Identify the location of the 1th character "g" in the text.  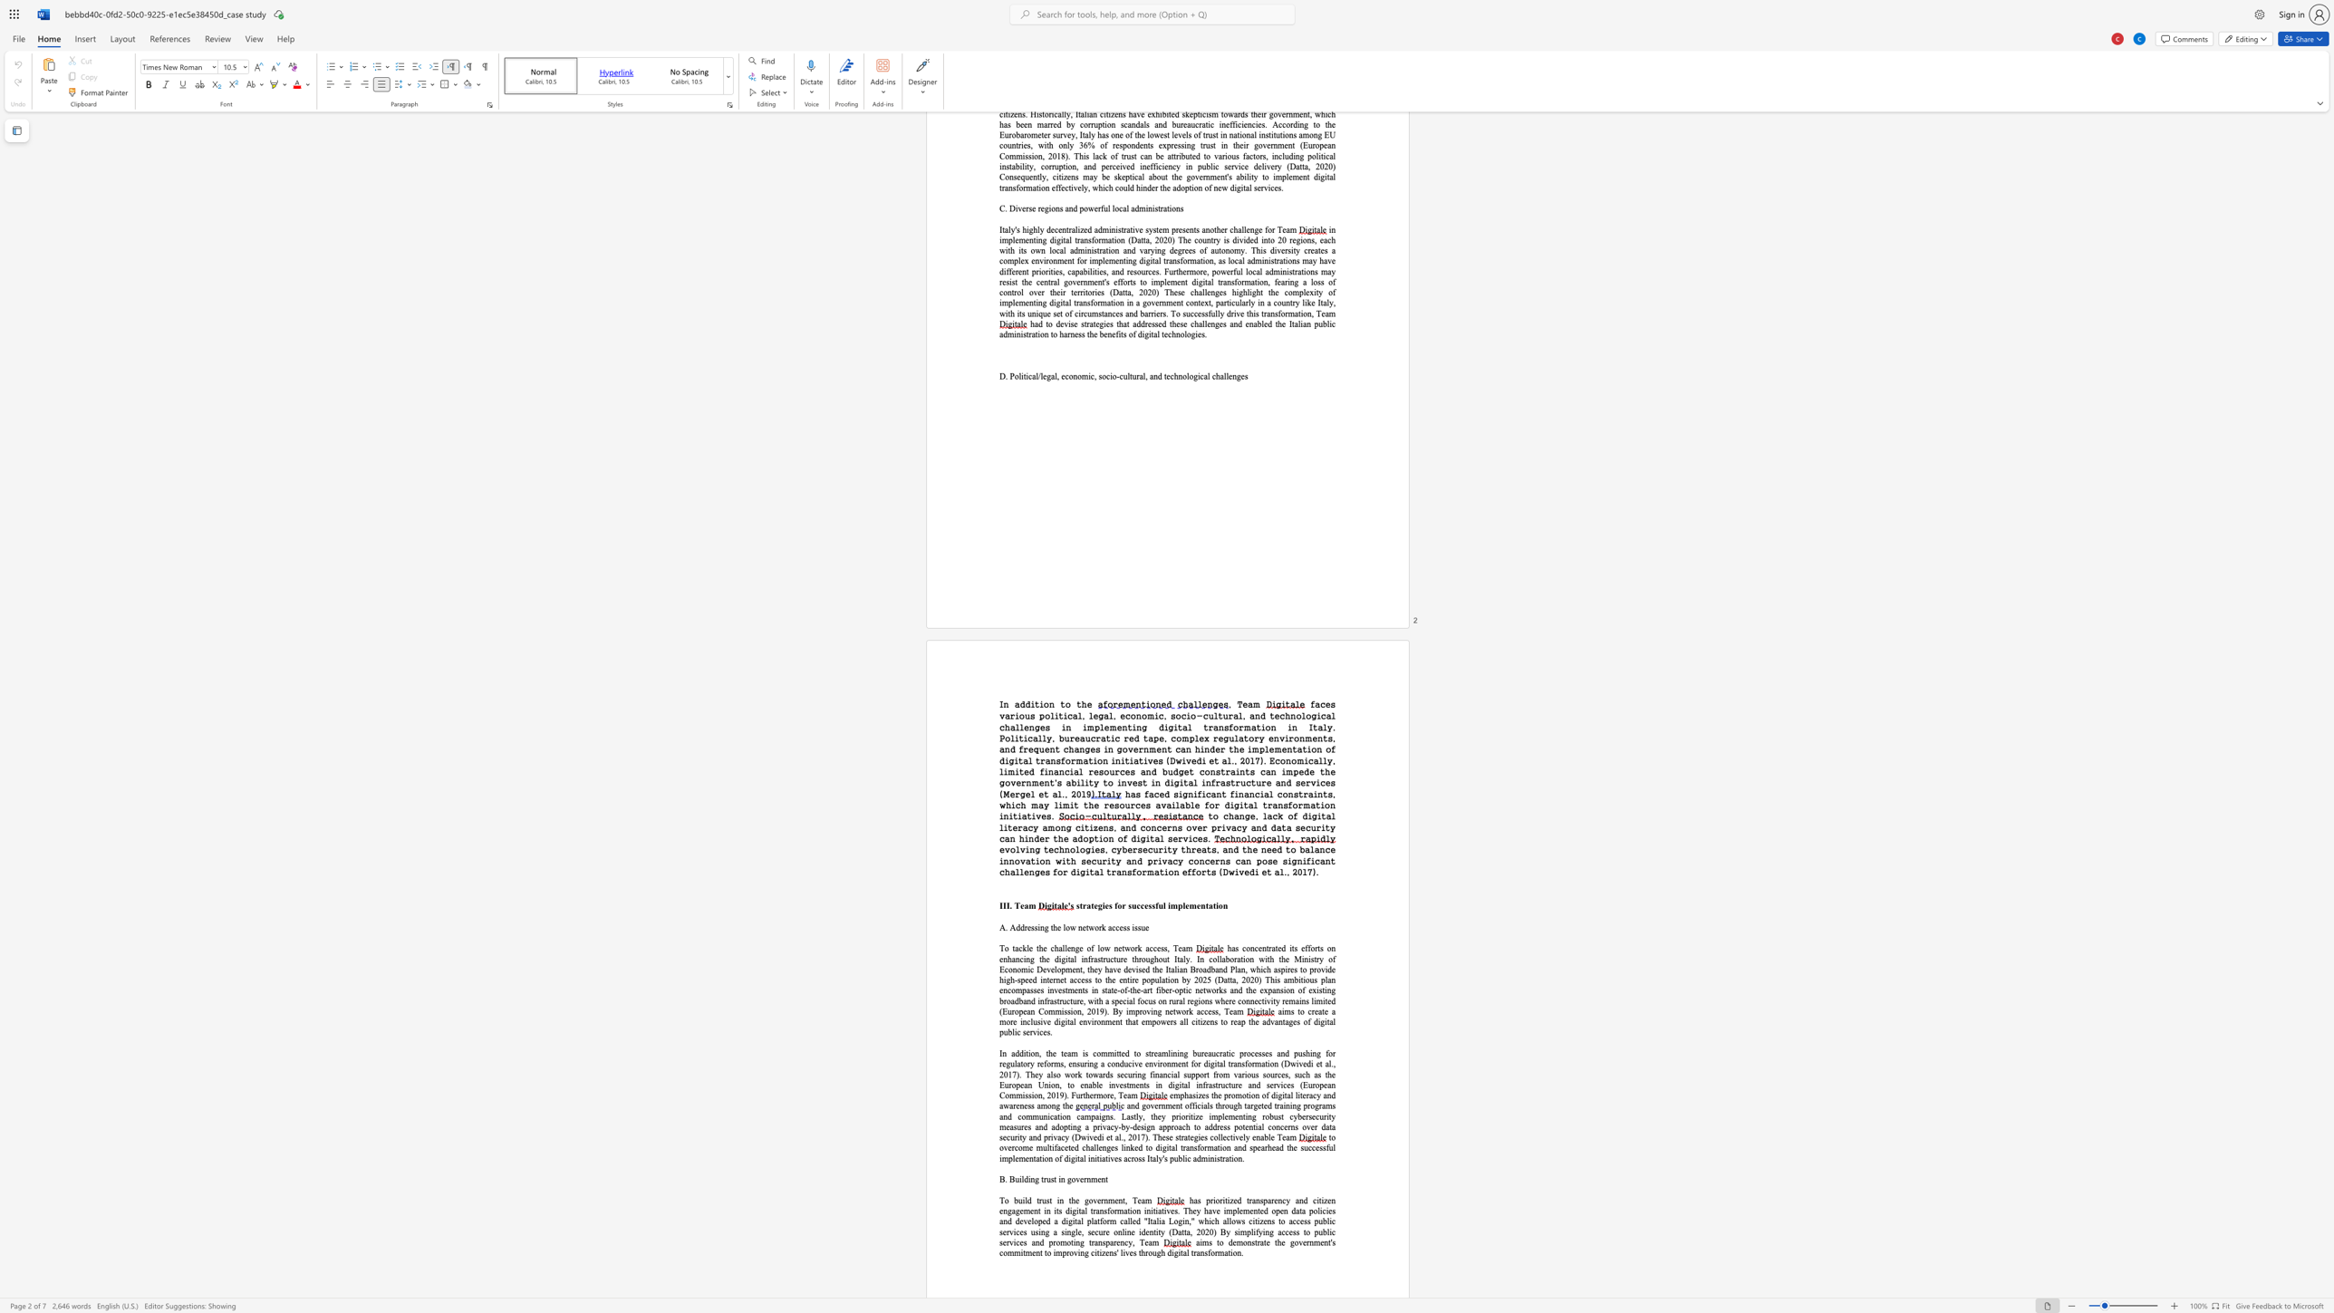
(1037, 1179).